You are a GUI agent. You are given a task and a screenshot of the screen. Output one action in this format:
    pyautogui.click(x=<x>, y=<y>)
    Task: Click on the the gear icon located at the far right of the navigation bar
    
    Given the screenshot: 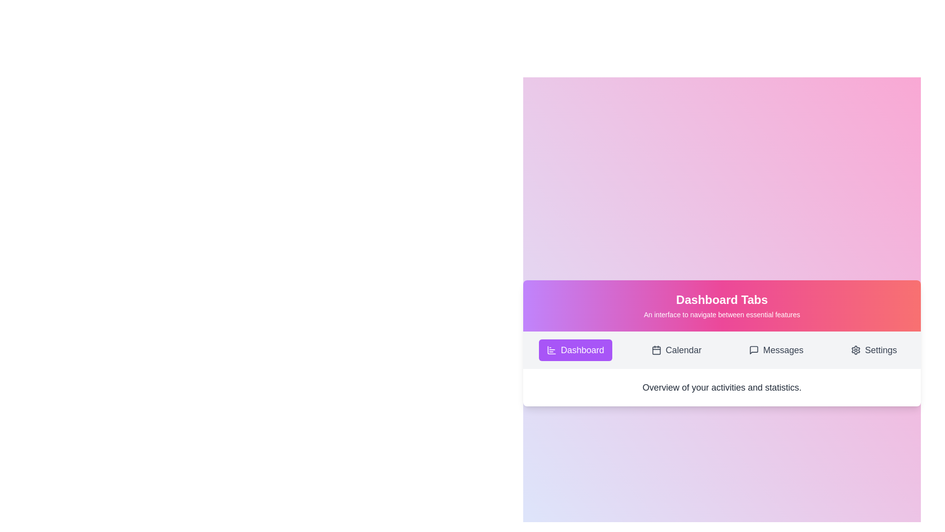 What is the action you would take?
    pyautogui.click(x=855, y=349)
    